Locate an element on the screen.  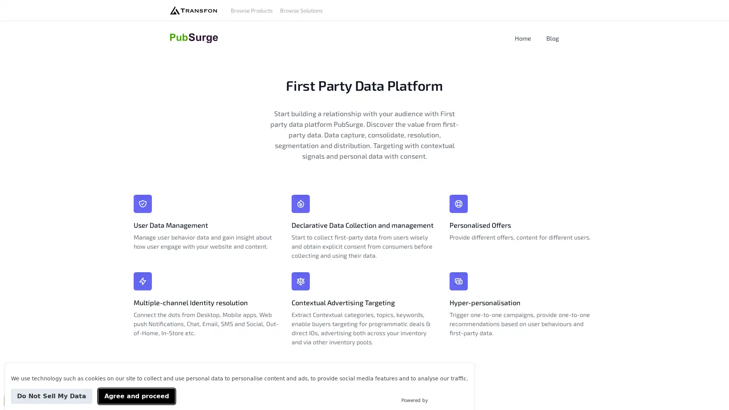
Do Not Sell My Data is located at coordinates (51, 396).